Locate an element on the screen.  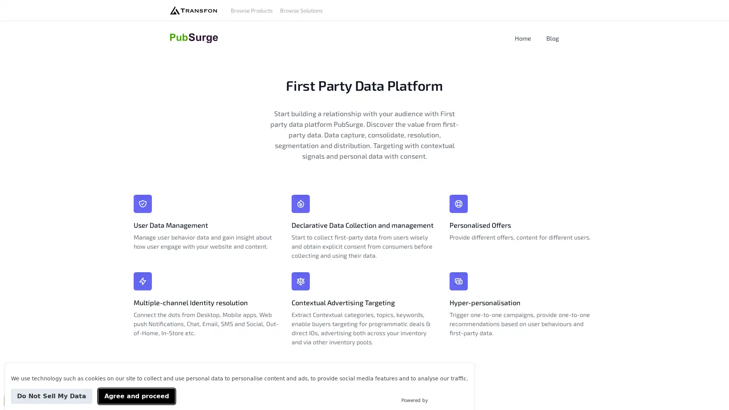
Do Not Sell My Data is located at coordinates (51, 396).